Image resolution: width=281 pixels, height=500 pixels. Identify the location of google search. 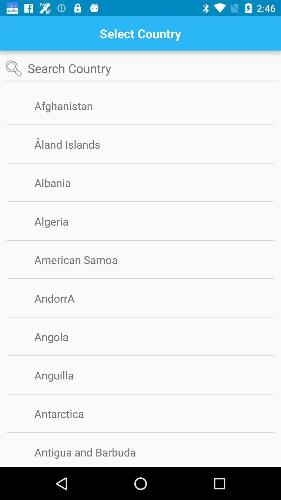
(140, 68).